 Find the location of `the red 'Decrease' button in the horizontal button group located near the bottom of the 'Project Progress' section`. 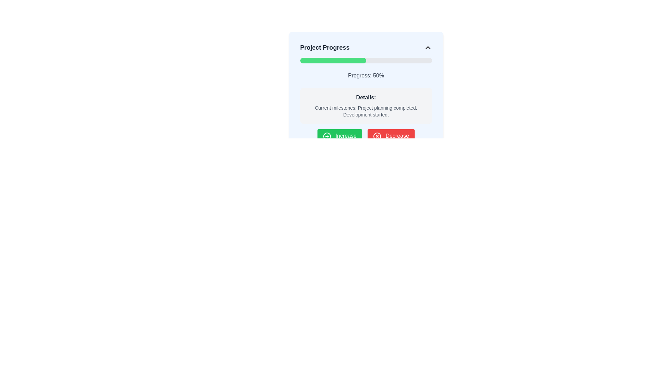

the red 'Decrease' button in the horizontal button group located near the bottom of the 'Project Progress' section is located at coordinates (366, 136).